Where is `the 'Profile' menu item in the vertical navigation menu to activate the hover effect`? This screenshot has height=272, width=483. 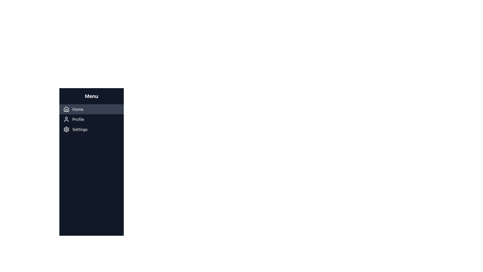
the 'Profile' menu item in the vertical navigation menu to activate the hover effect is located at coordinates (92, 119).